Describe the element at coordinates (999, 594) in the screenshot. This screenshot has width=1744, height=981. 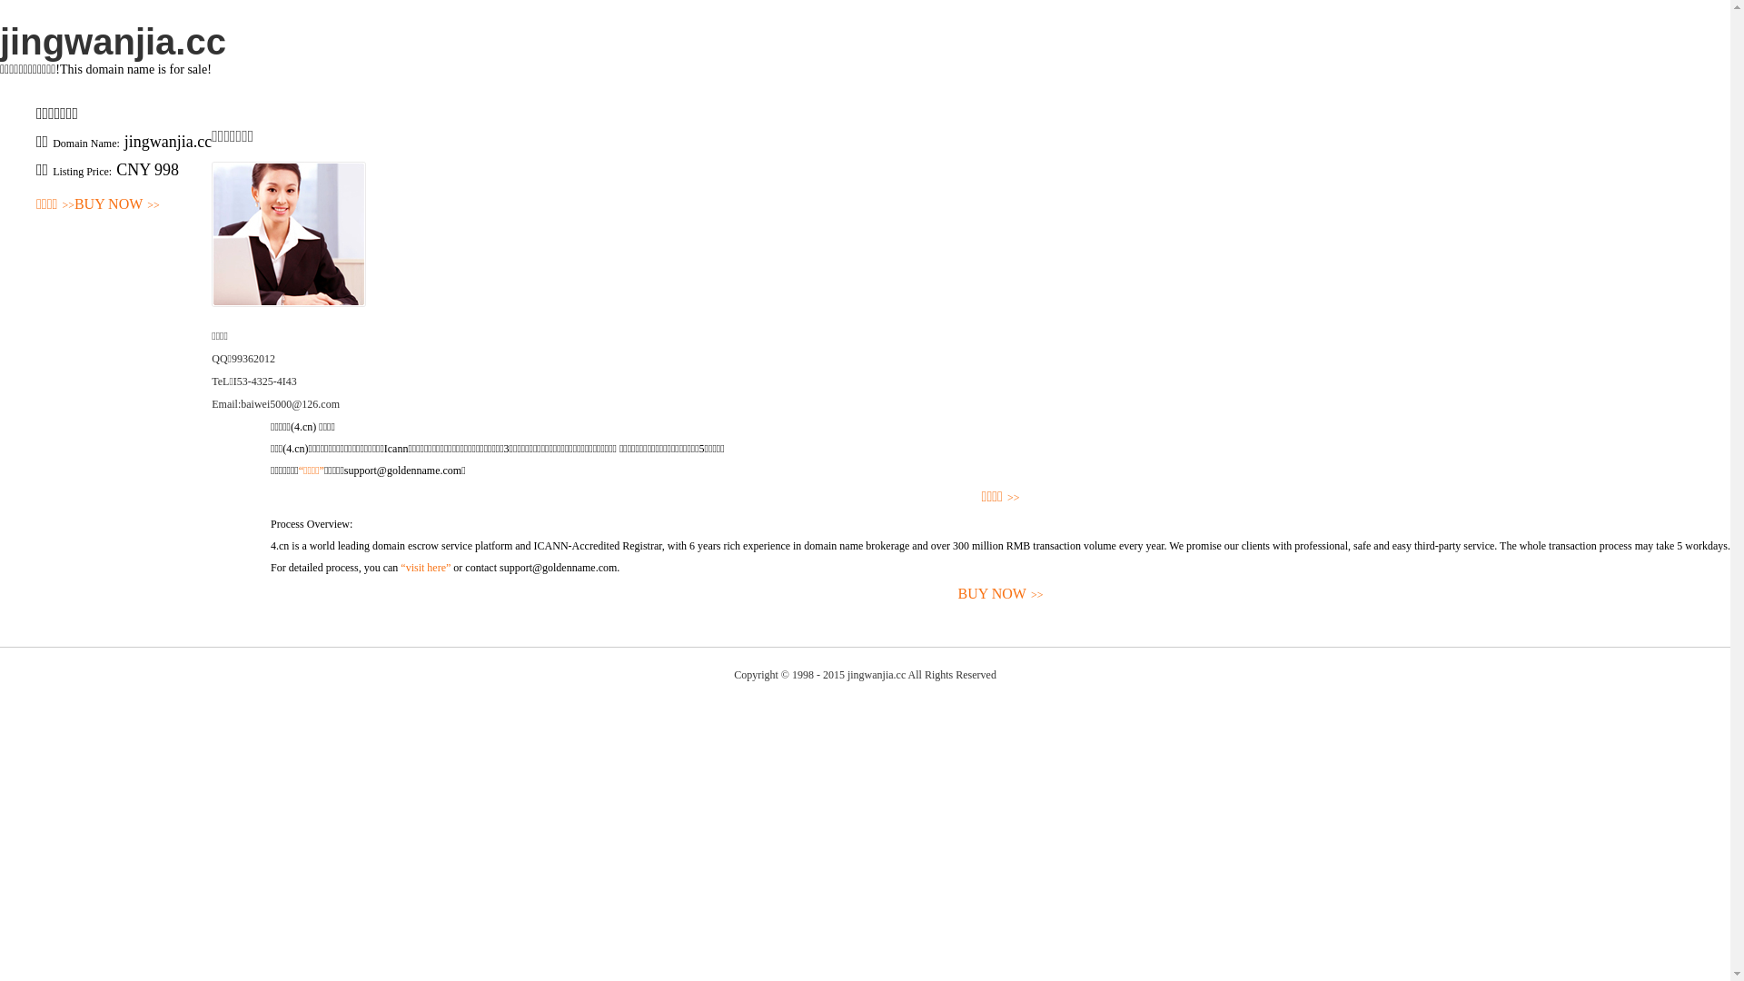
I see `'BUY NOW>>'` at that location.